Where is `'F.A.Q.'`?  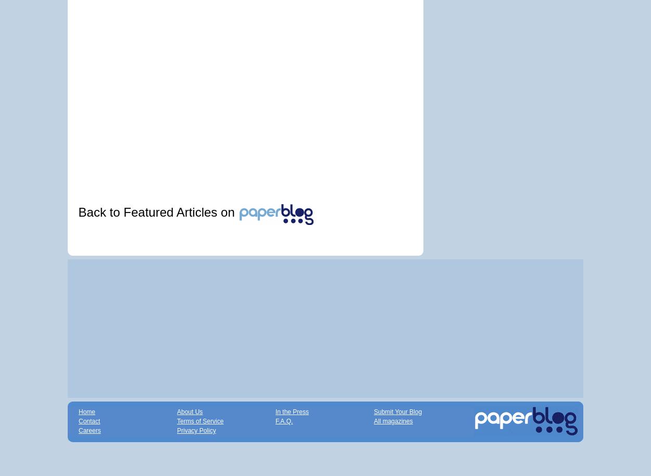
'F.A.Q.' is located at coordinates (284, 420).